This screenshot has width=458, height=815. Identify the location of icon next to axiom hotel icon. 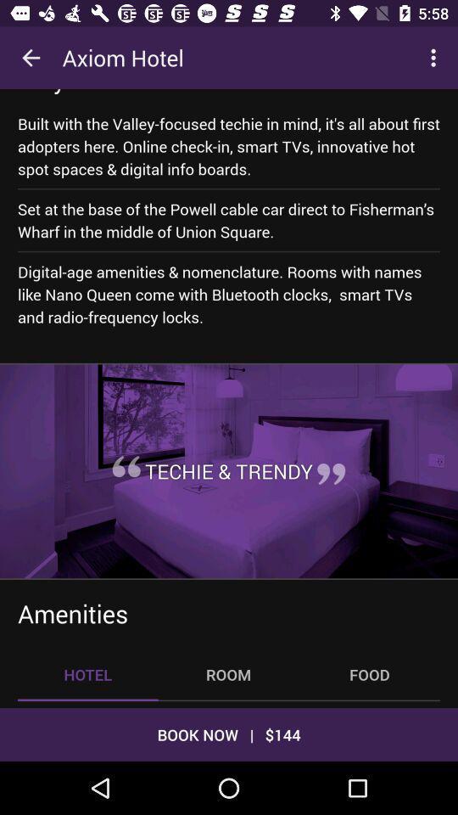
(31, 58).